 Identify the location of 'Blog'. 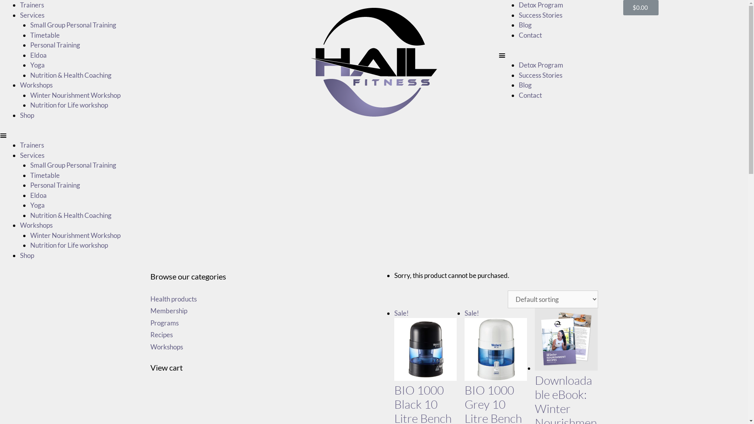
(518, 24).